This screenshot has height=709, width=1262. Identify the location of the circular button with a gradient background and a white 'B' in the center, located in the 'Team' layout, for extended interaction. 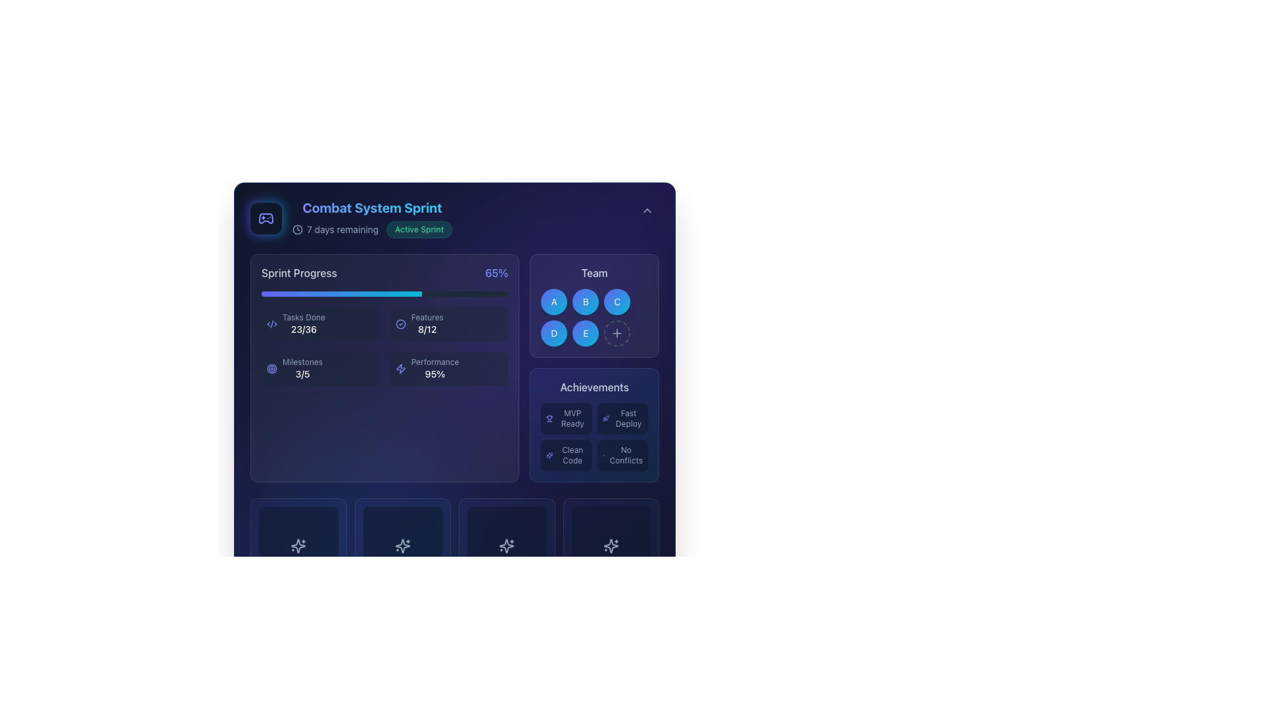
(594, 306).